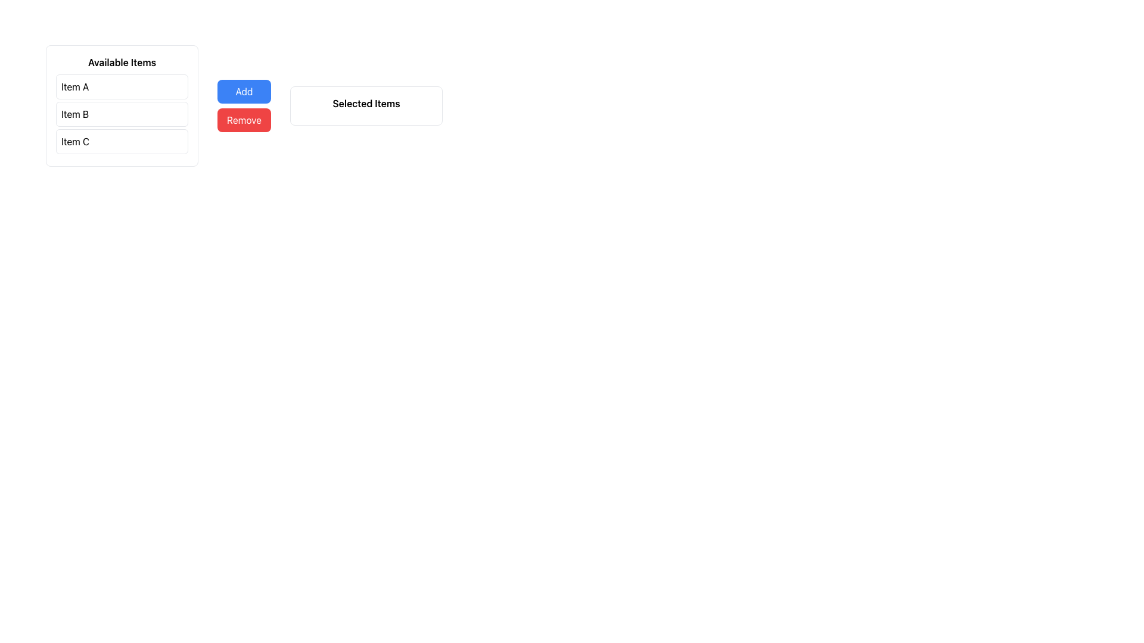  I want to click on the header text label that clearly labels the section containing a list of available items, so click(122, 62).